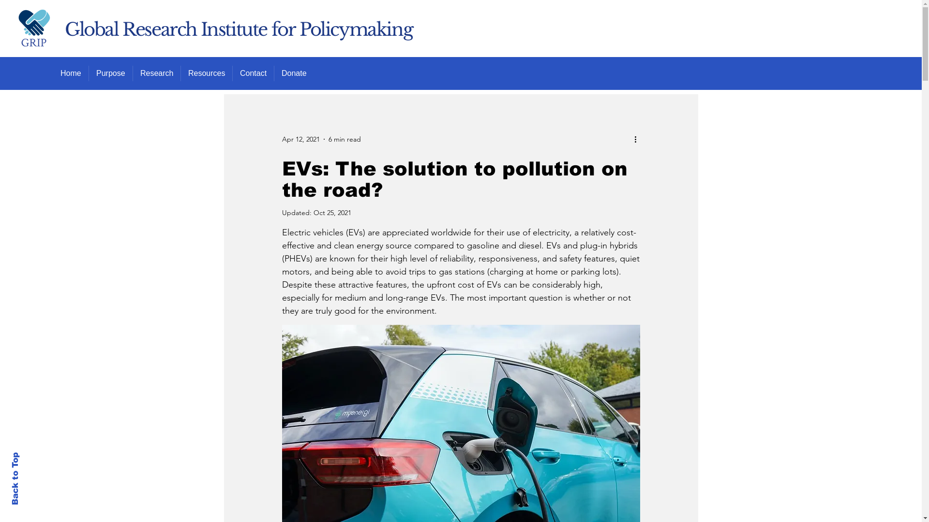 This screenshot has height=522, width=929. Describe the element at coordinates (70, 72) in the screenshot. I see `'Home'` at that location.